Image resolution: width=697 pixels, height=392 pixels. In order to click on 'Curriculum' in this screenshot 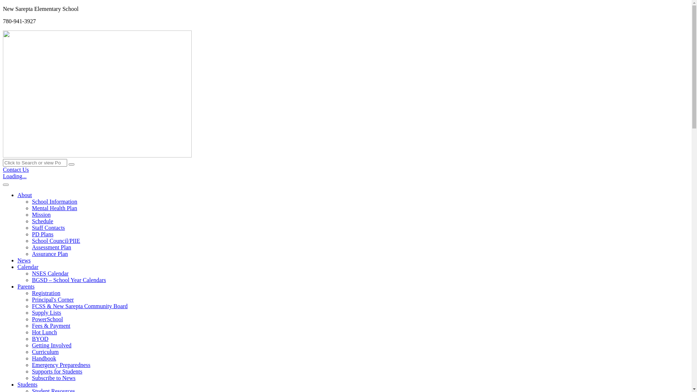, I will do `click(45, 351)`.